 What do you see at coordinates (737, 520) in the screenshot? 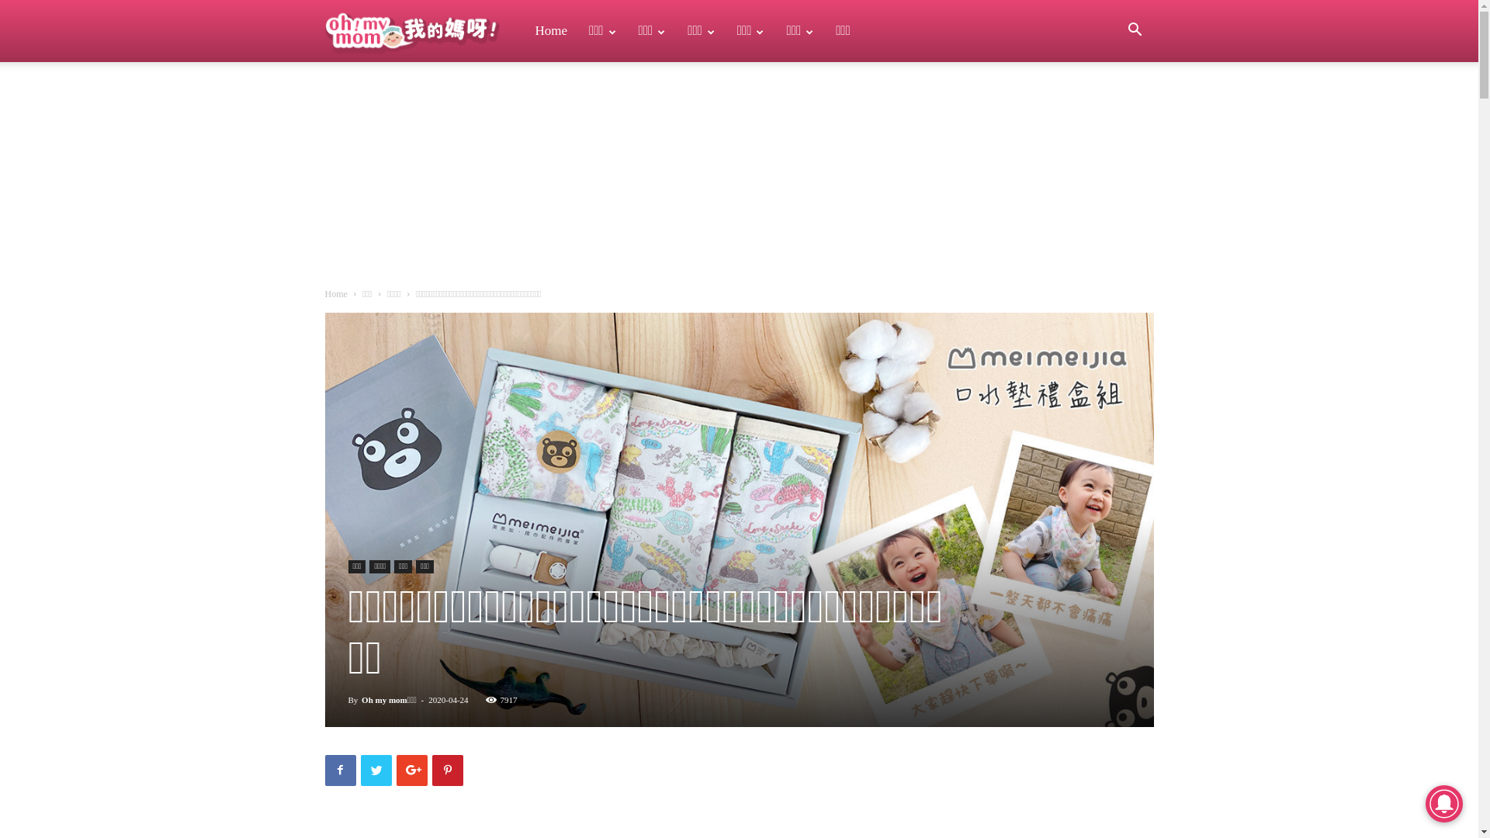
I see `'0424-BN'` at bounding box center [737, 520].